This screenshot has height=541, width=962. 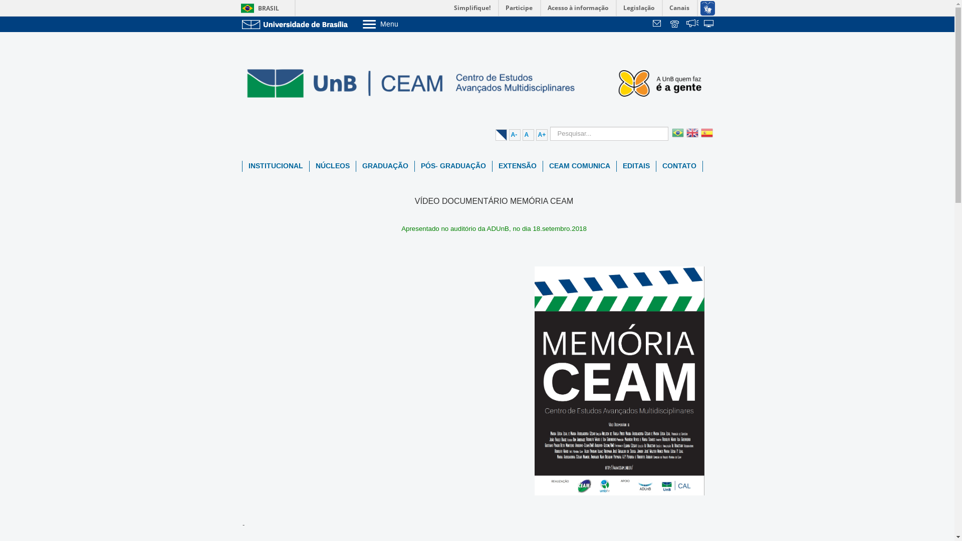 I want to click on 'A', so click(x=521, y=134).